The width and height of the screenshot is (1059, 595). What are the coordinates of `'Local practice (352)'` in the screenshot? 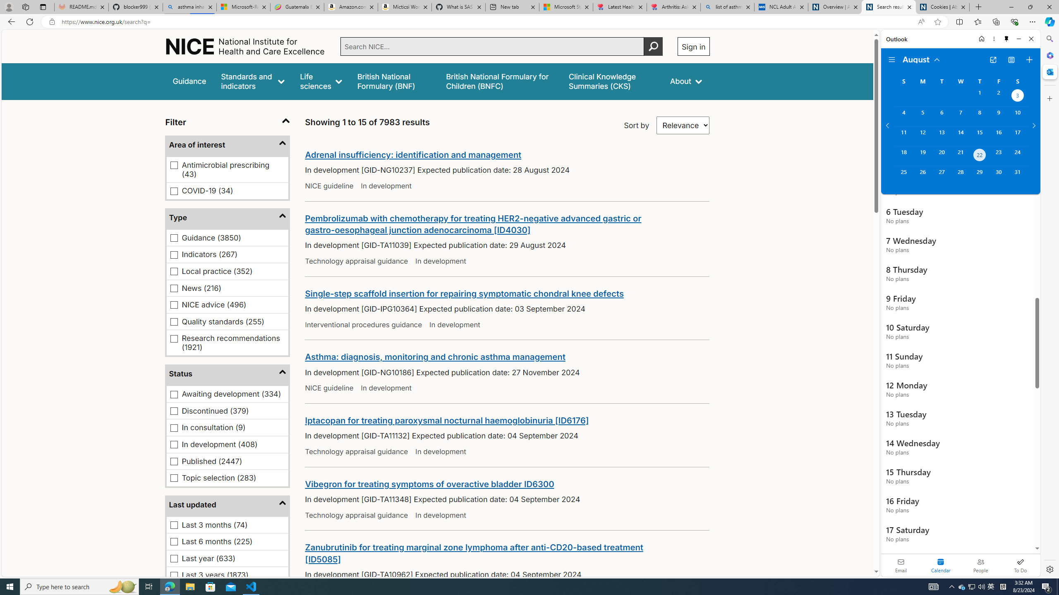 It's located at (174, 271).